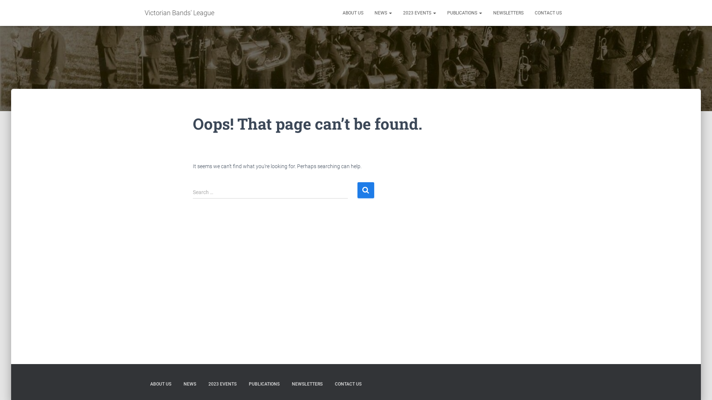 Image resolution: width=712 pixels, height=400 pixels. Describe the element at coordinates (348, 384) in the screenshot. I see `'CONTACT US'` at that location.